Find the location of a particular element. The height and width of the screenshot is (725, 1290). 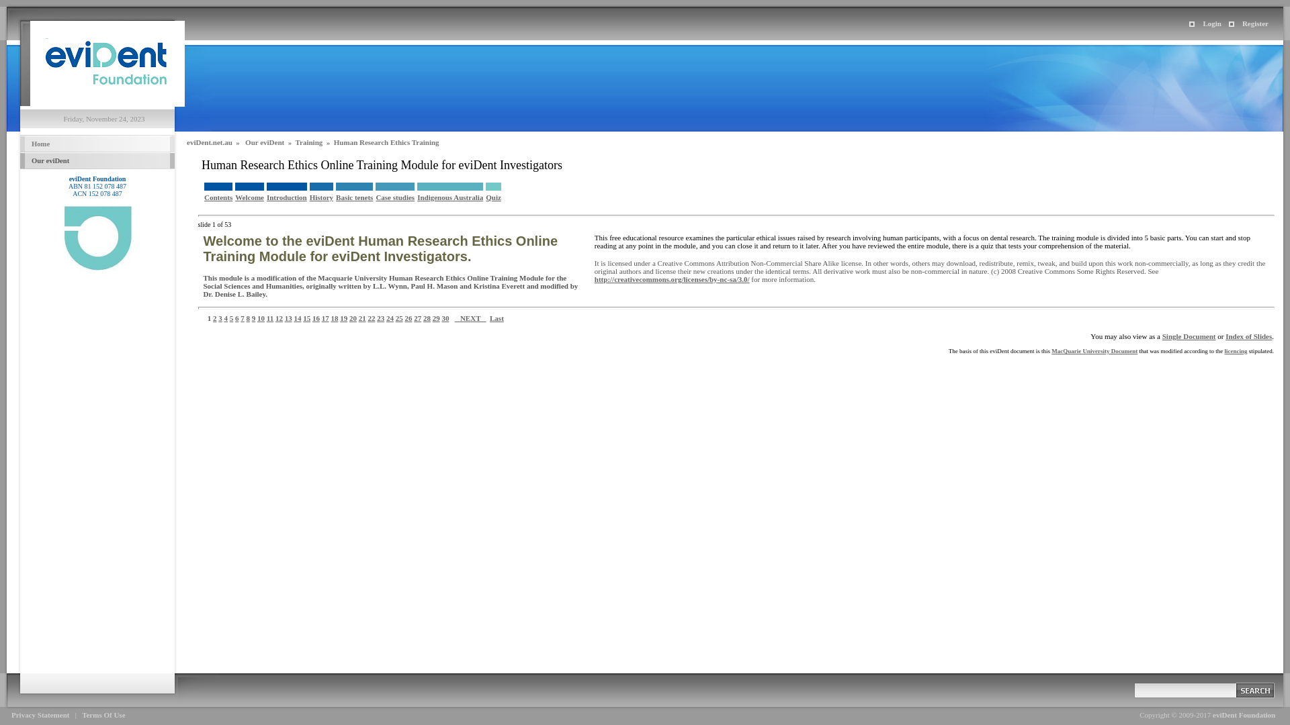

'      Home ' is located at coordinates (96, 144).